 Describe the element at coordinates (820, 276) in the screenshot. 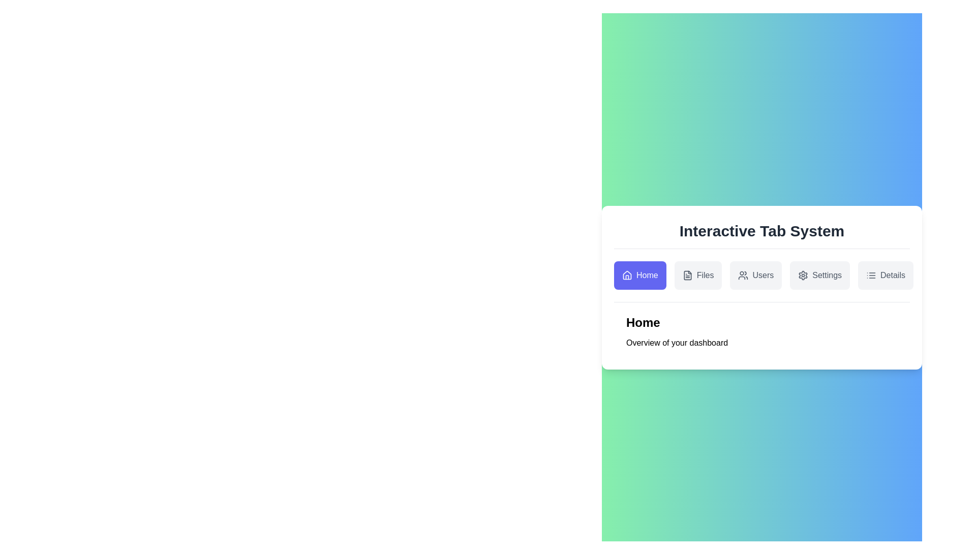

I see `the fourth tab in the navigation bar` at that location.